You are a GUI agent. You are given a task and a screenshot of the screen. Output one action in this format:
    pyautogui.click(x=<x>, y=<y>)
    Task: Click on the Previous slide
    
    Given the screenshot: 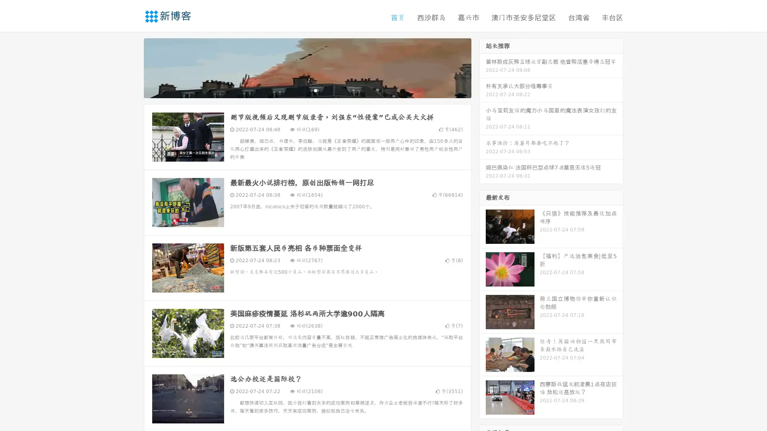 What is the action you would take?
    pyautogui.click(x=132, y=67)
    